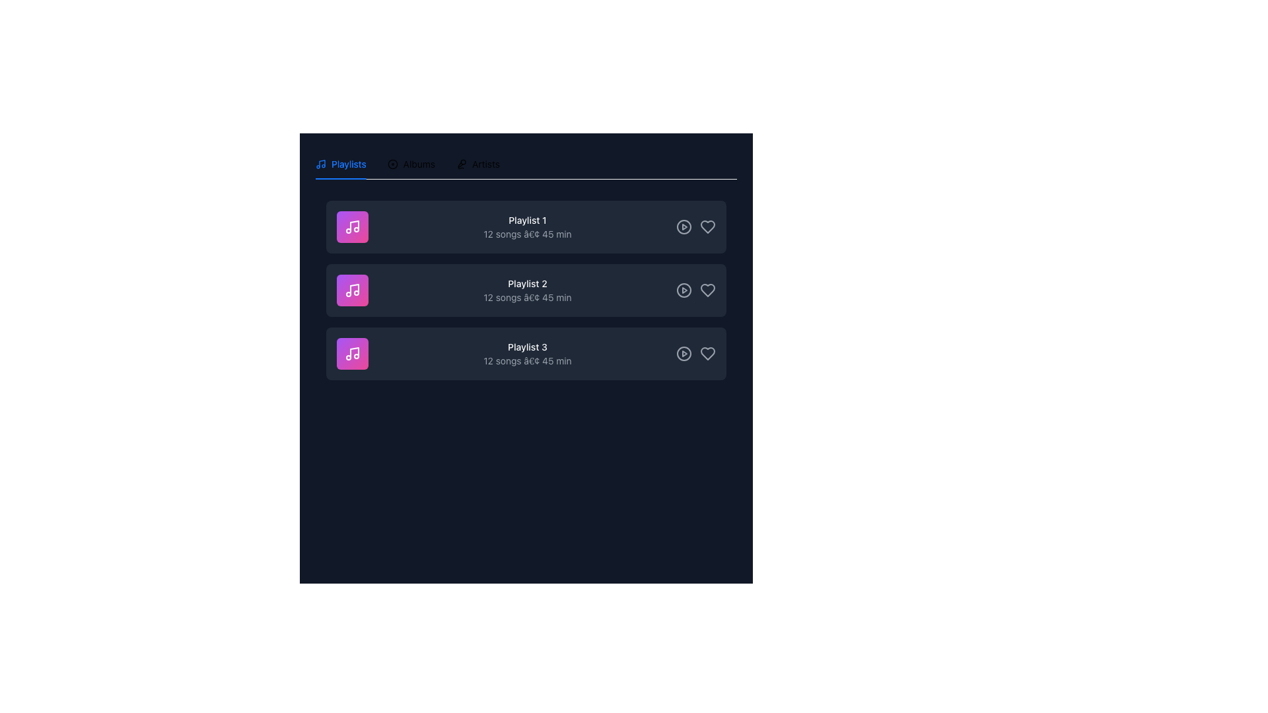 This screenshot has height=713, width=1268. Describe the element at coordinates (695, 289) in the screenshot. I see `the heart icon on the composite button to mark the playlist labeled 'Playlist 2, 12 songs • 45 min' as a favorite` at that location.